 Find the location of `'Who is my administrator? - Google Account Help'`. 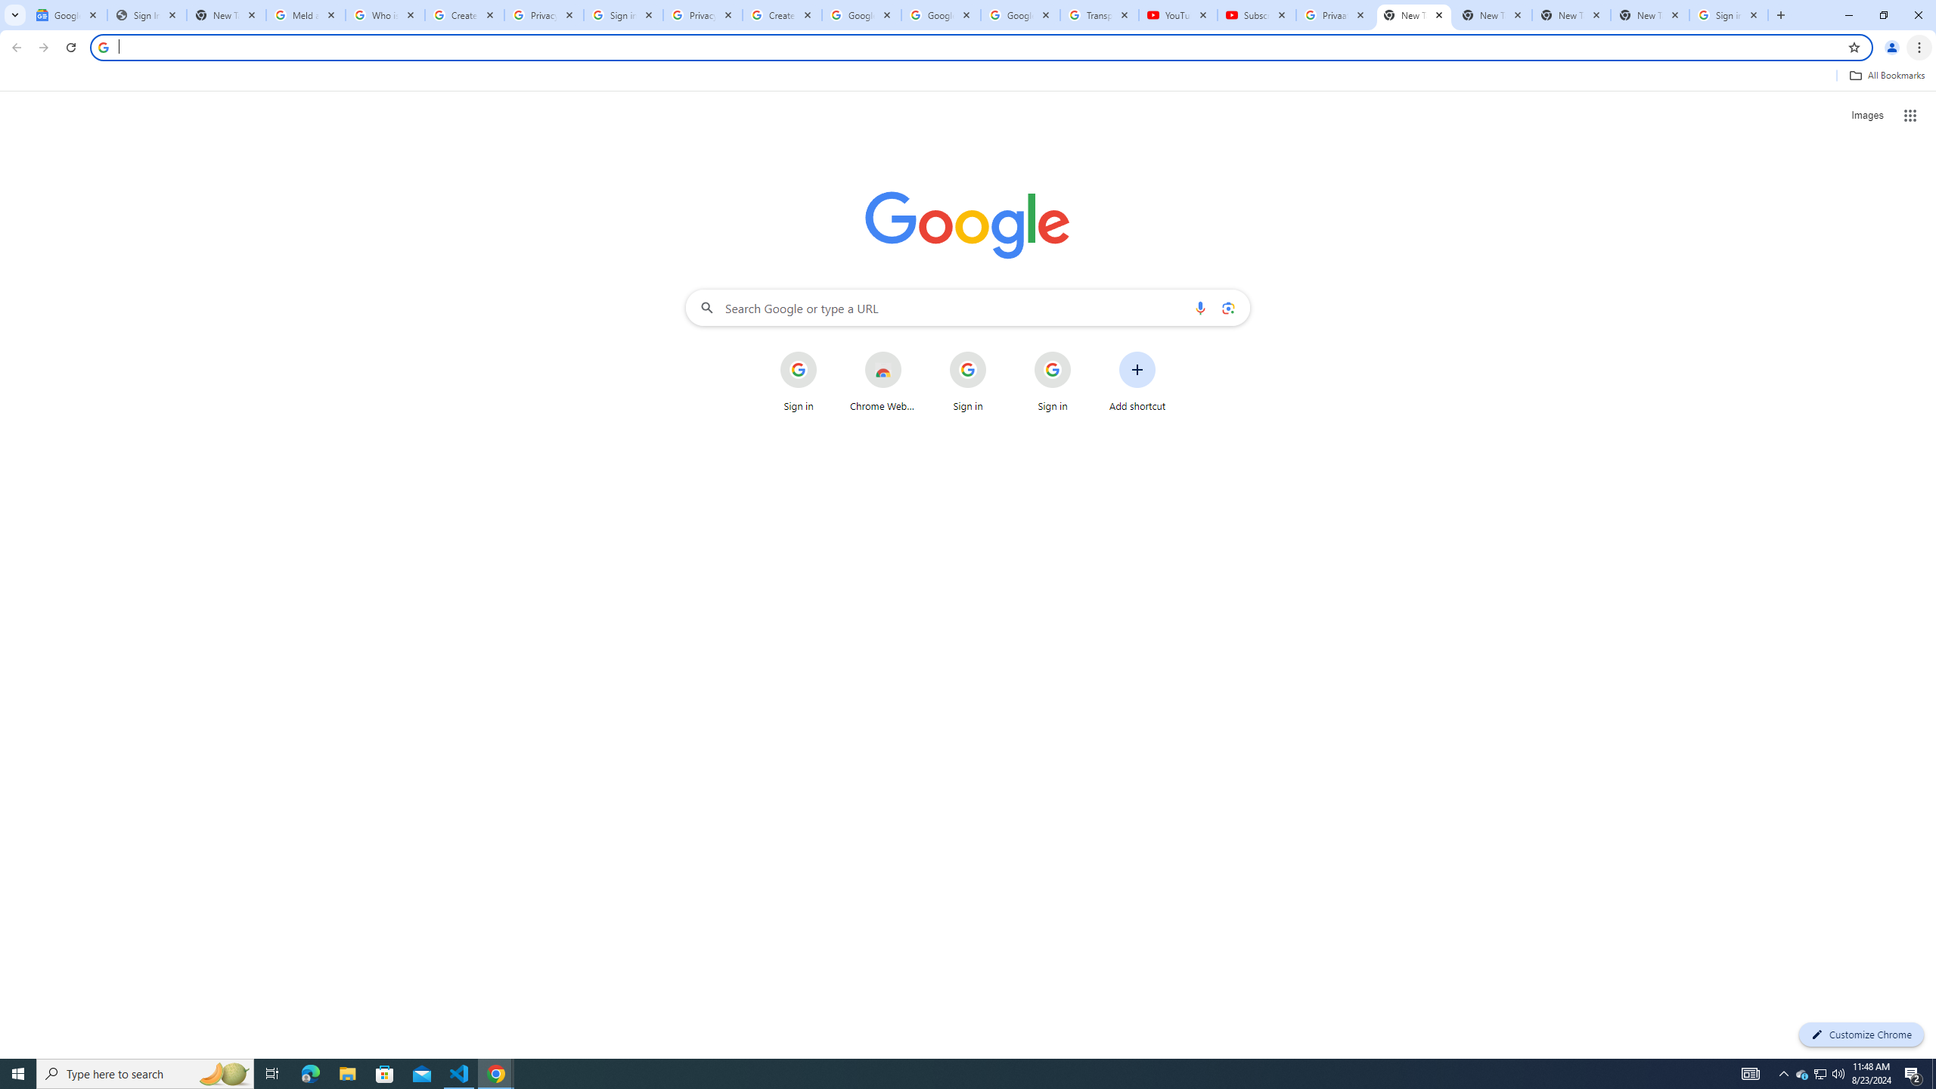

'Who is my administrator? - Google Account Help' is located at coordinates (385, 14).